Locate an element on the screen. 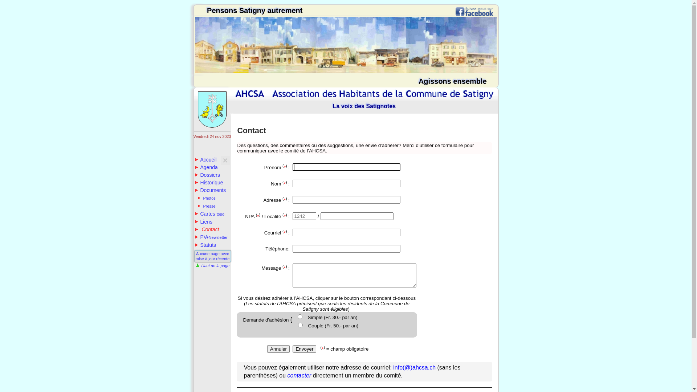 This screenshot has width=697, height=392. 'contacter' is located at coordinates (299, 375).